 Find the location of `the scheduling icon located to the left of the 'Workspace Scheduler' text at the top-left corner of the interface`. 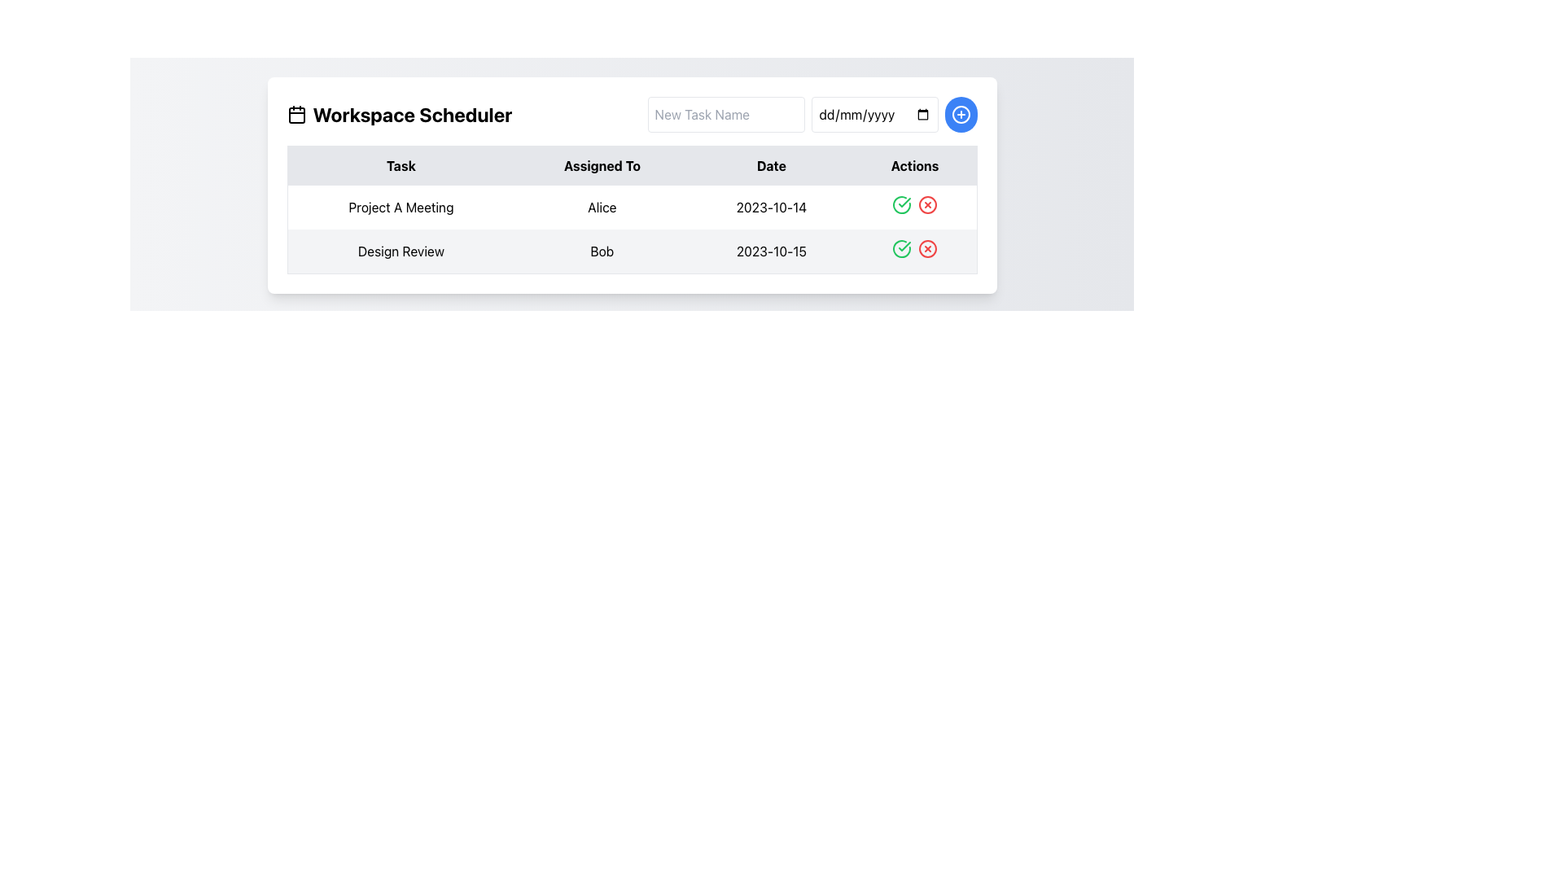

the scheduling icon located to the left of the 'Workspace Scheduler' text at the top-left corner of the interface is located at coordinates (296, 114).